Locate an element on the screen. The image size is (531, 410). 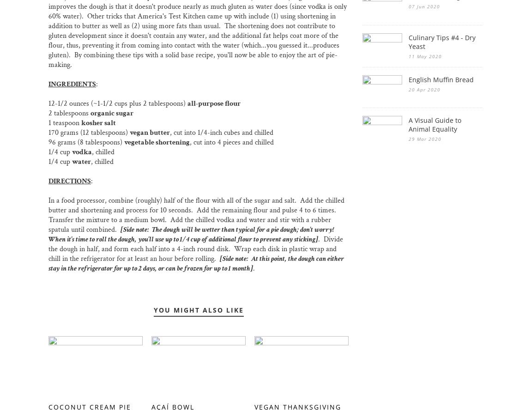
'all-purpose flour' is located at coordinates (214, 103).